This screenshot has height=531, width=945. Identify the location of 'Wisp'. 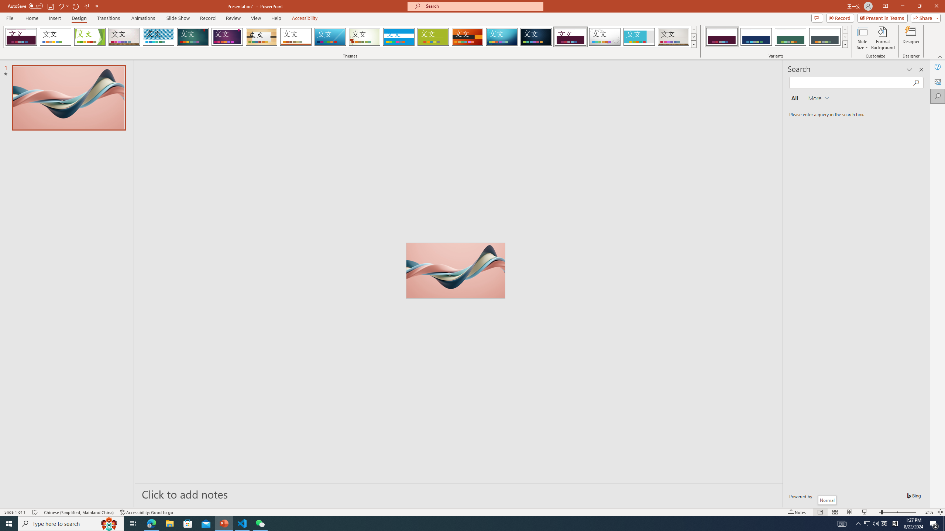
(364, 37).